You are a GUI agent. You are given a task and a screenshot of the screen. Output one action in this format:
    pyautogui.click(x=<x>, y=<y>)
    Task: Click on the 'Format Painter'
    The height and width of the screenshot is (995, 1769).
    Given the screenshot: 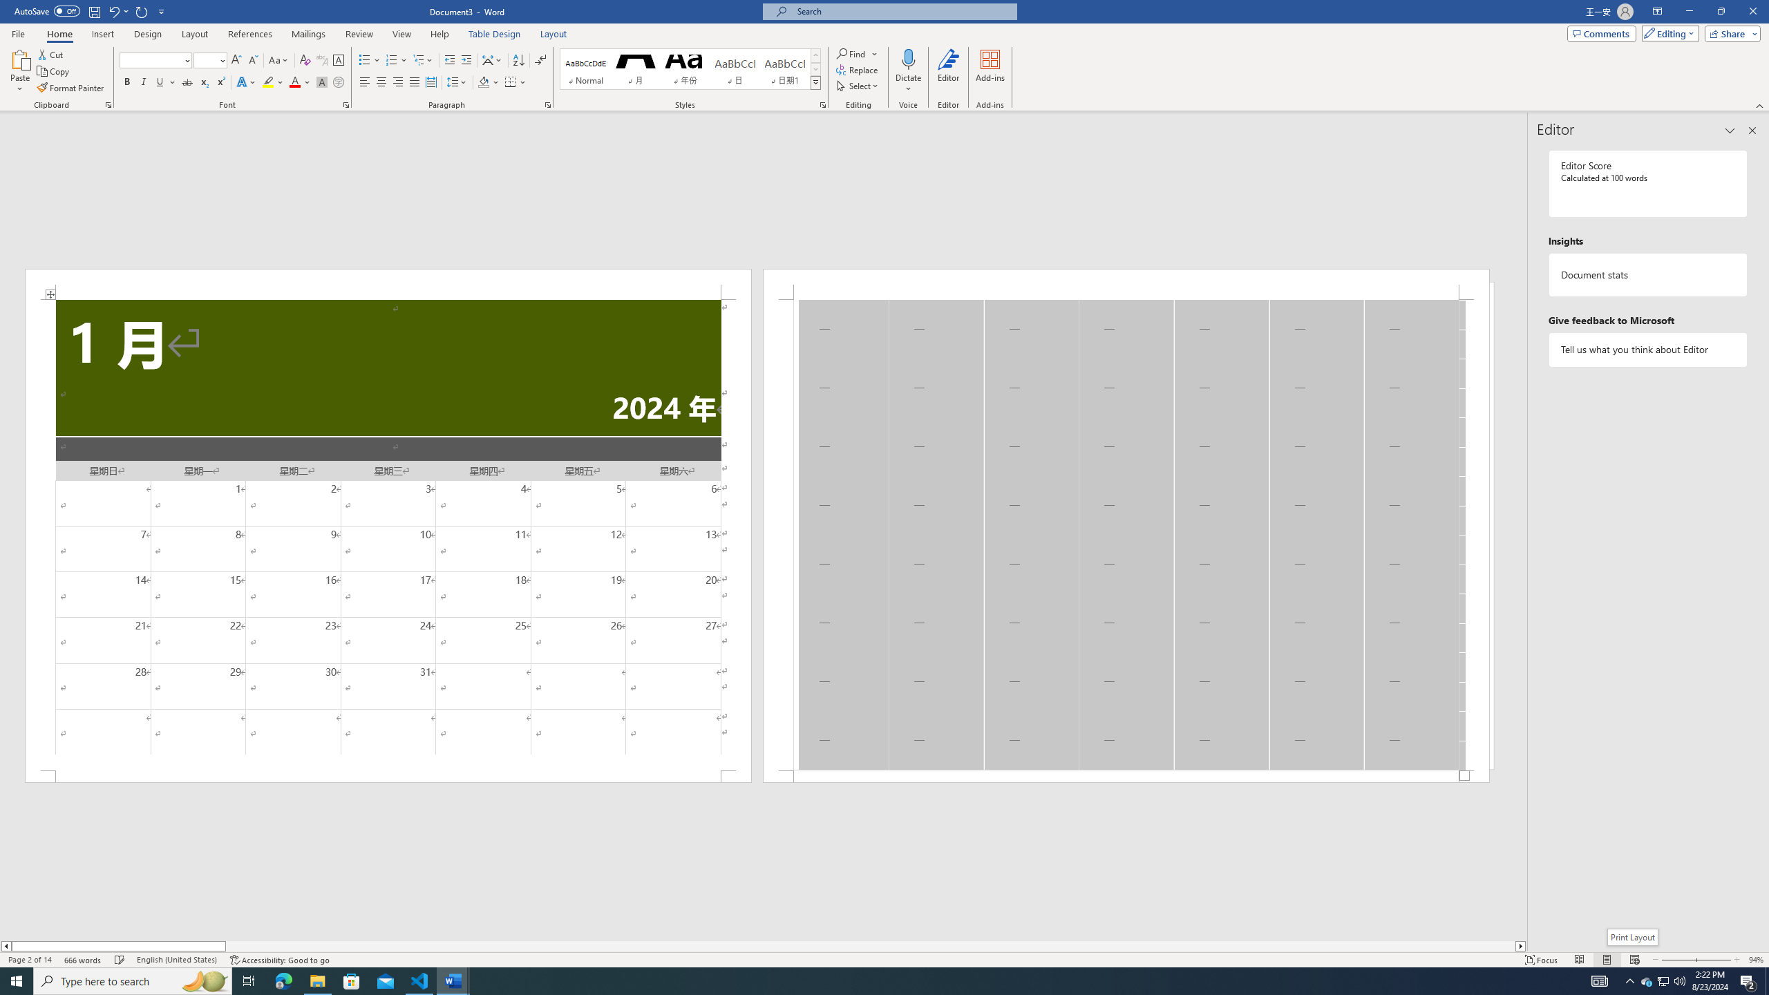 What is the action you would take?
    pyautogui.click(x=70, y=88)
    